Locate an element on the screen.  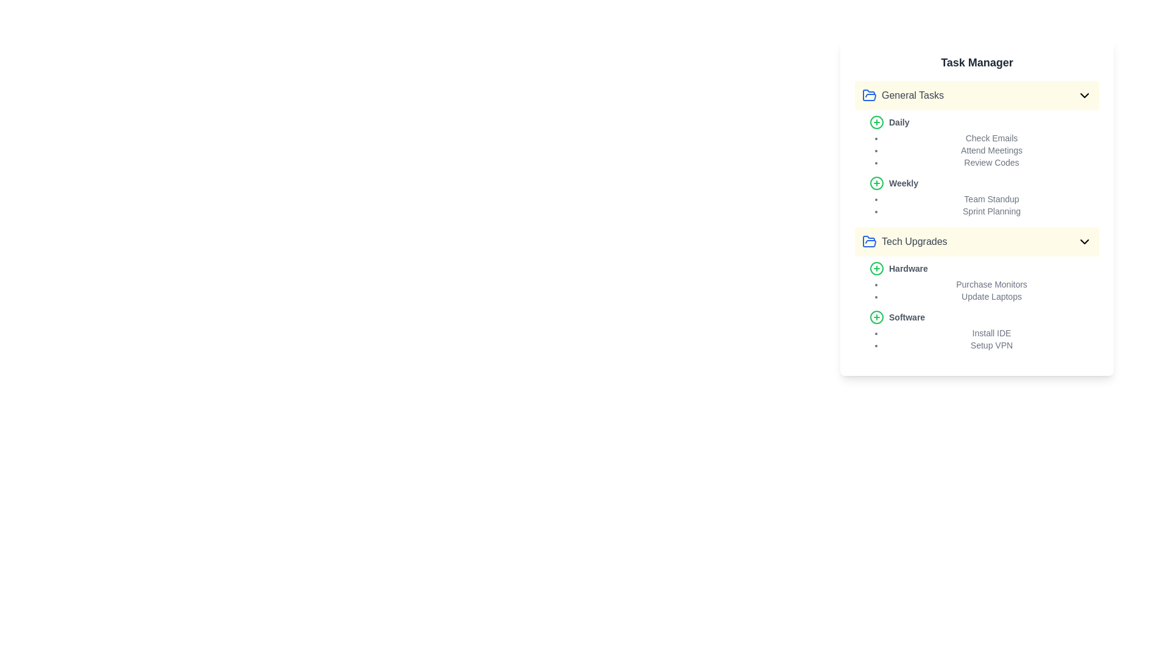
the center of the 'Tech Upgrades' button, which features a blue folder icon on the left and a gray text label on the right, located in the 'Task Manager' section is located at coordinates (904, 242).